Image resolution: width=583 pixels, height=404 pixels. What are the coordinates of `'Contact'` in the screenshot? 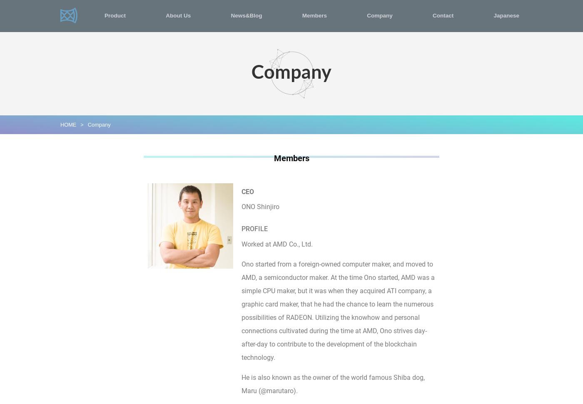 It's located at (443, 15).